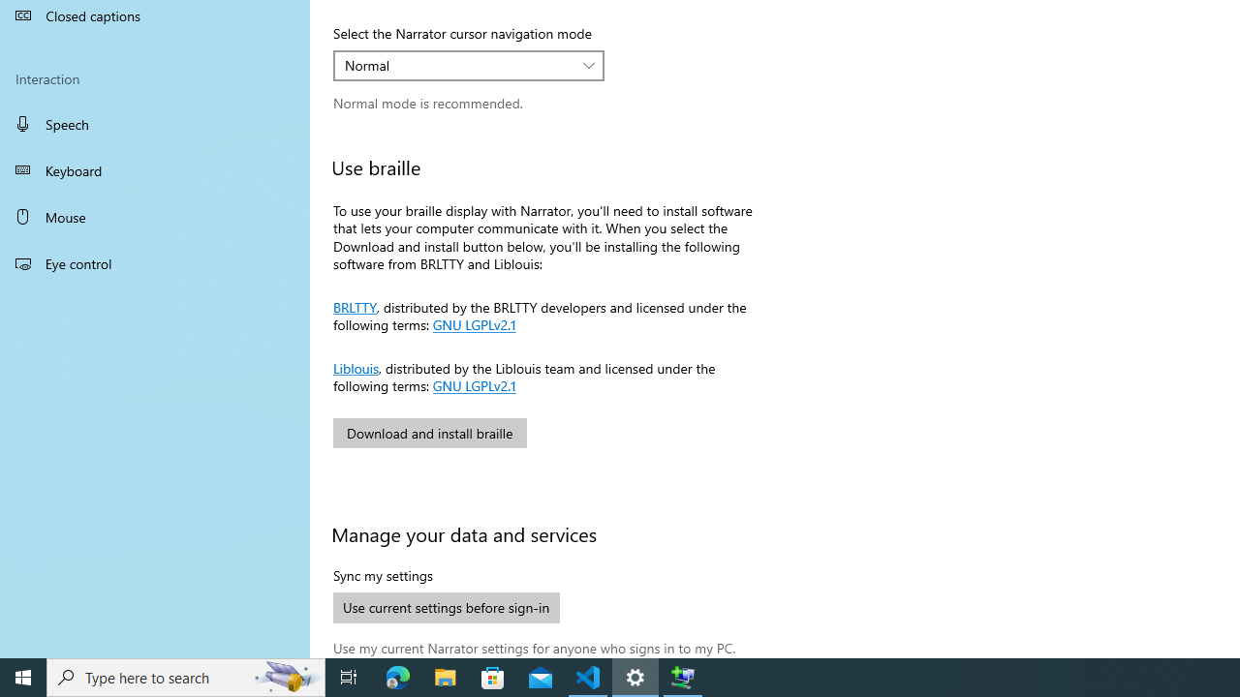 This screenshot has width=1240, height=697. I want to click on 'Start', so click(23, 676).